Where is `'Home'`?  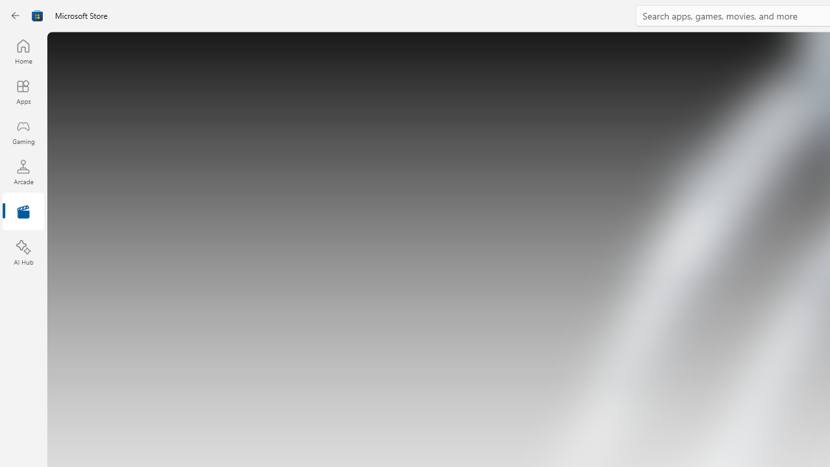 'Home' is located at coordinates (23, 51).